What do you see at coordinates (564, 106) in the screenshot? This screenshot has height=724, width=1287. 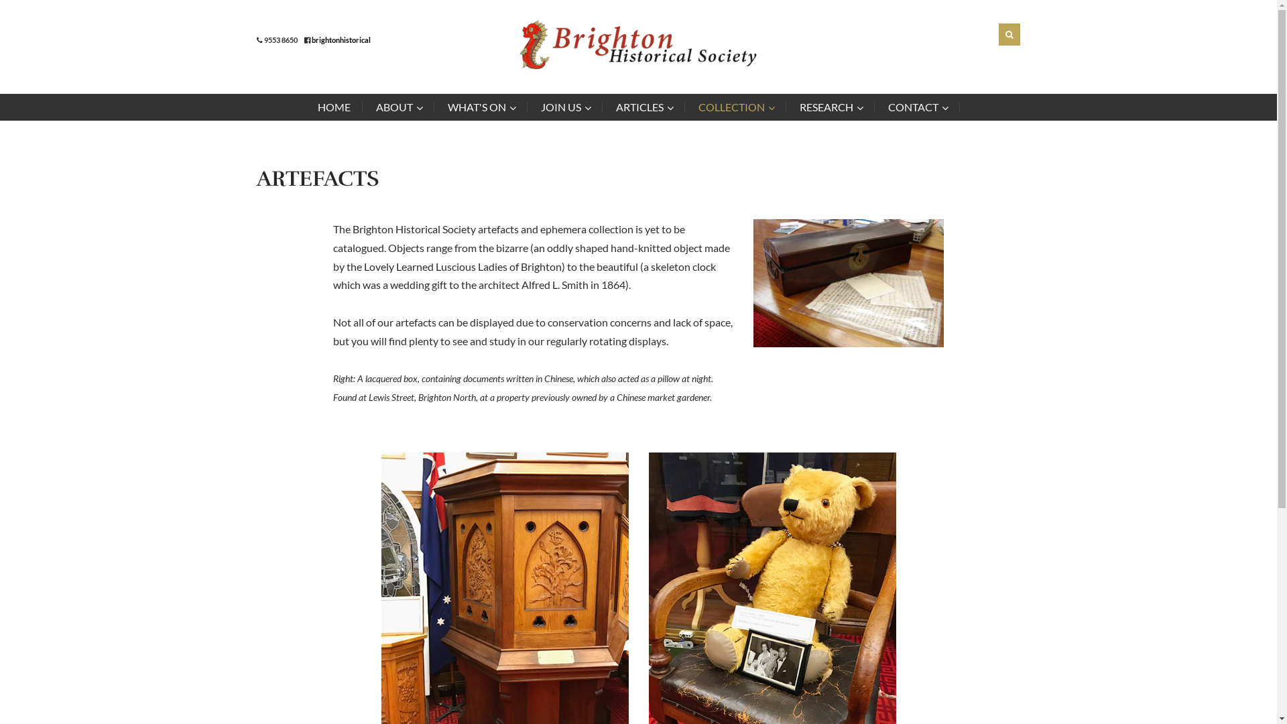 I see `'JOIN US'` at bounding box center [564, 106].